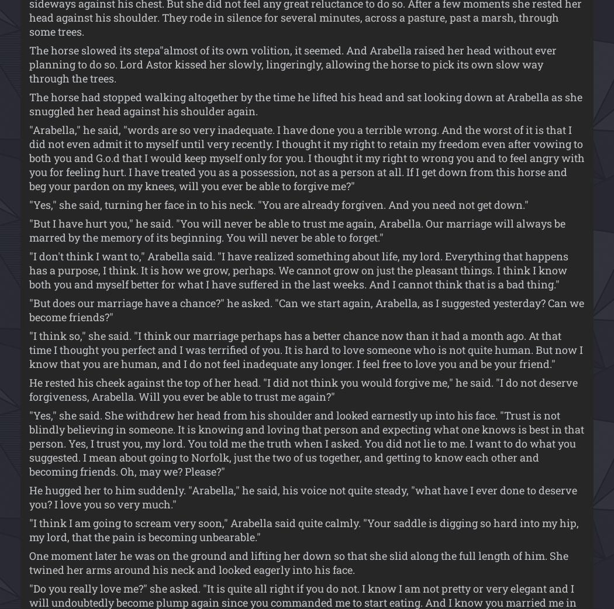  What do you see at coordinates (296, 229) in the screenshot?
I see `'"But I have hurt you," he said. "You will never be able to trust me again, Arabella. Our marriage will always be marred by the memory of its beginning. You will never be able to forget."'` at bounding box center [296, 229].